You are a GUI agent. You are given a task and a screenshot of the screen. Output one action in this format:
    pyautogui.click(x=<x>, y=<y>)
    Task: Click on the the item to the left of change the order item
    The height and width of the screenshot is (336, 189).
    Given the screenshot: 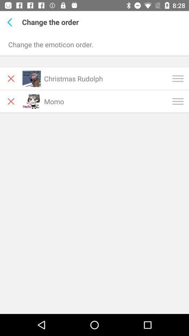 What is the action you would take?
    pyautogui.click(x=10, y=22)
    